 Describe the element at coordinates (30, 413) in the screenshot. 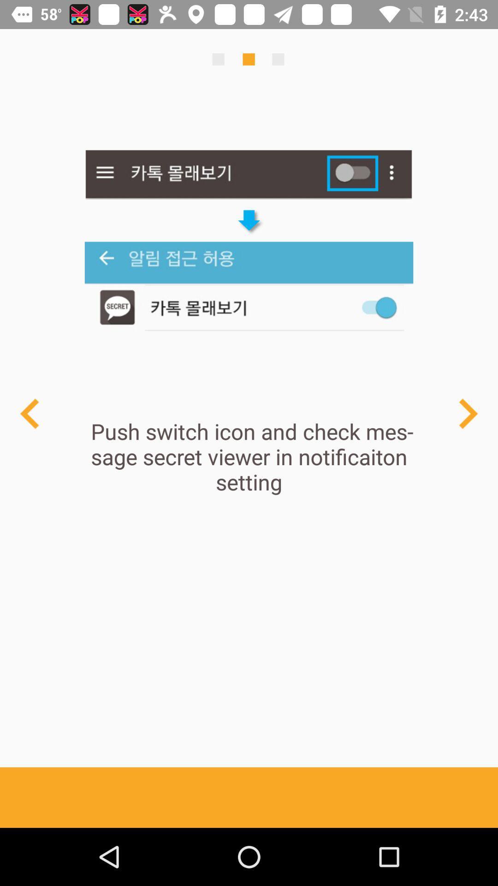

I see `previous page` at that location.